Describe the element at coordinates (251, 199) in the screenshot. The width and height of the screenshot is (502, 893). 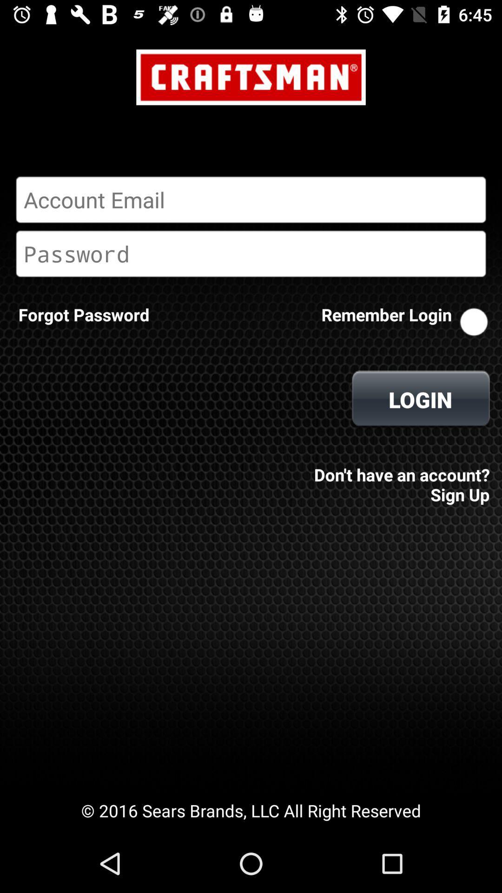
I see `login email` at that location.